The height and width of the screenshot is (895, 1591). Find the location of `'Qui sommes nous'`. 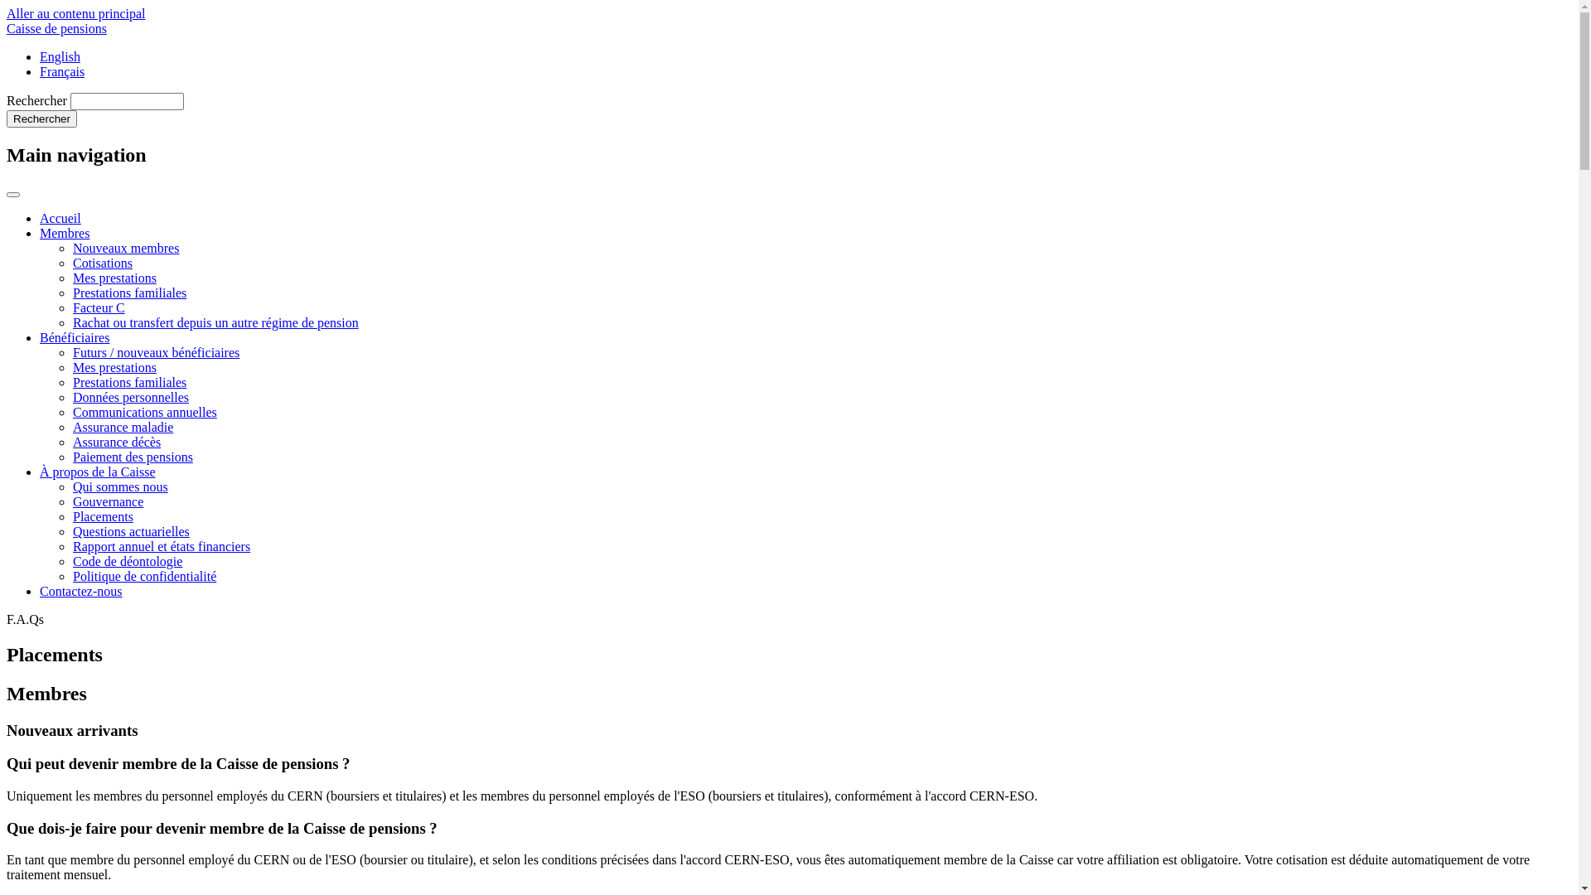

'Qui sommes nous' is located at coordinates (119, 486).